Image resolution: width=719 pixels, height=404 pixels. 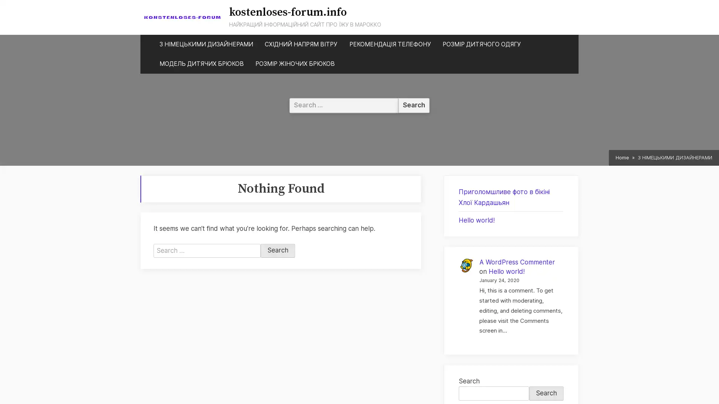 I want to click on Search, so click(x=413, y=105).